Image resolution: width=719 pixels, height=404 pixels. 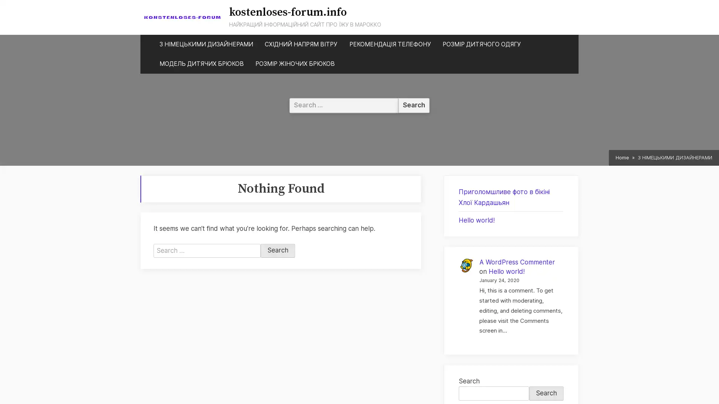 I want to click on Search, so click(x=413, y=105).